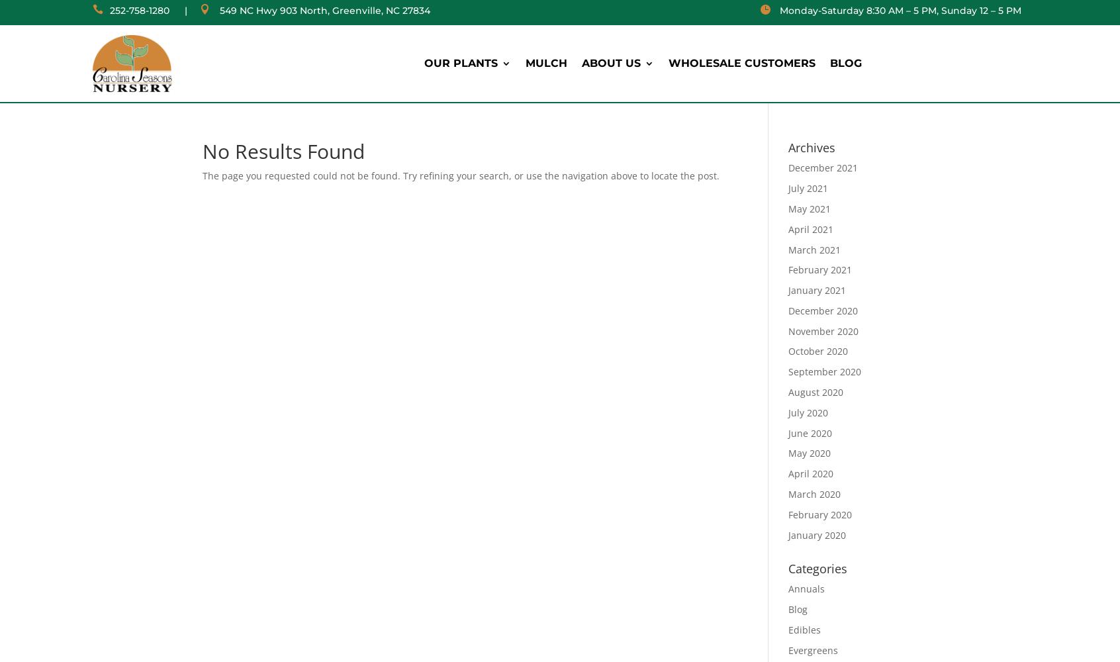 The height and width of the screenshot is (662, 1120). Describe the element at coordinates (822, 330) in the screenshot. I see `'November 2020'` at that location.